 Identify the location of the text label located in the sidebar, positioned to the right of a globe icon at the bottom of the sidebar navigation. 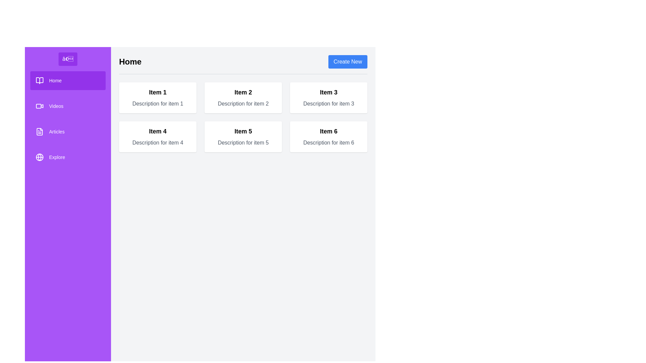
(57, 157).